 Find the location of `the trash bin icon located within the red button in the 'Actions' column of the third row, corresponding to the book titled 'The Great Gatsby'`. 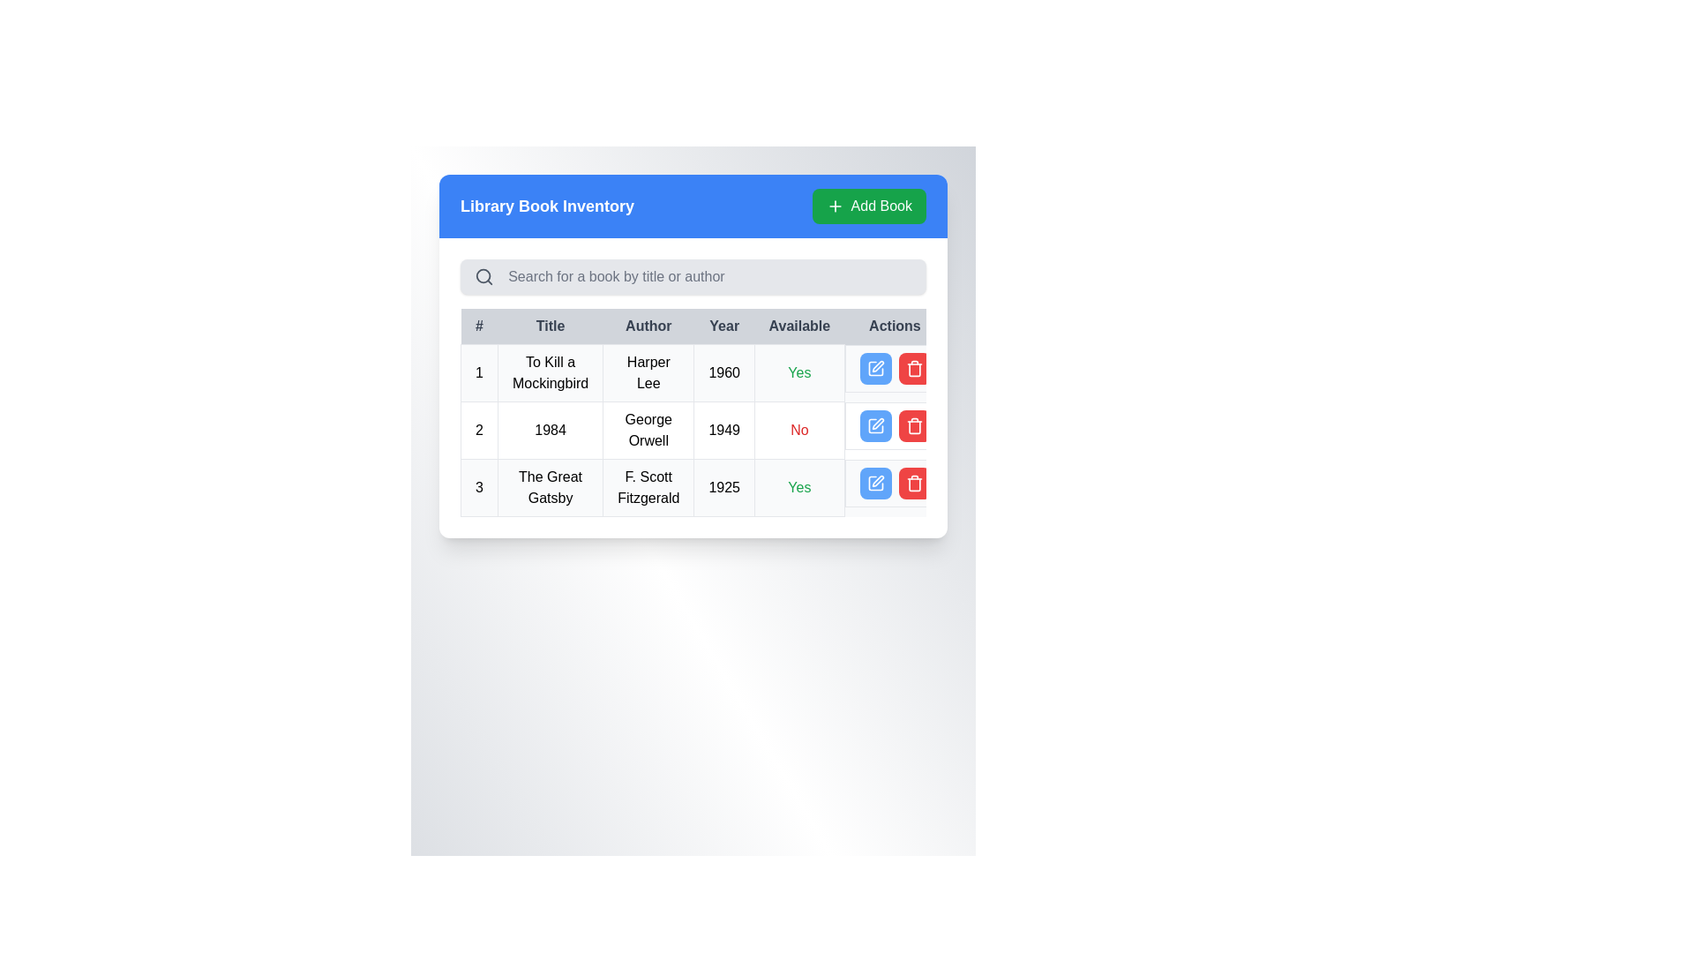

the trash bin icon located within the red button in the 'Actions' column of the third row, corresponding to the book titled 'The Great Gatsby' is located at coordinates (914, 367).